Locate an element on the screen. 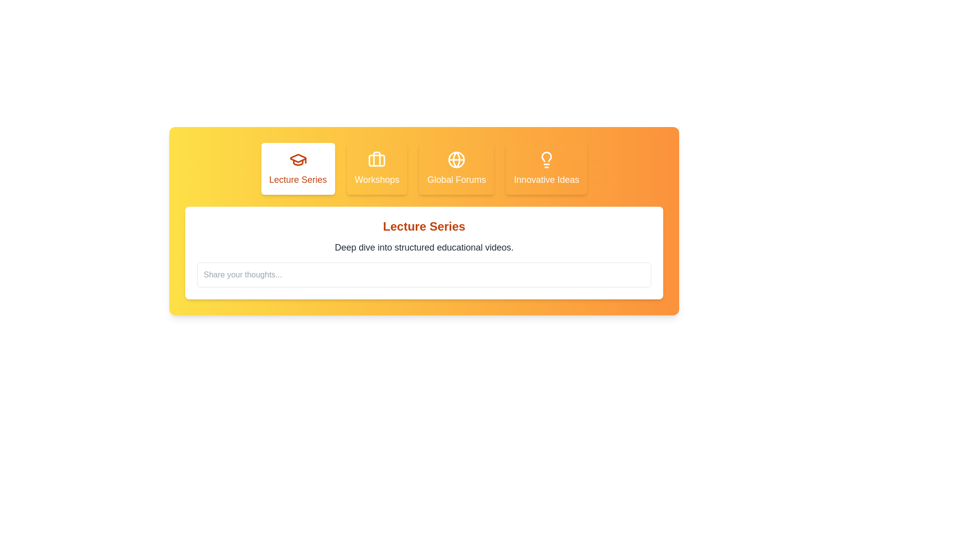  the tab corresponding to Workshops is located at coordinates (376, 168).